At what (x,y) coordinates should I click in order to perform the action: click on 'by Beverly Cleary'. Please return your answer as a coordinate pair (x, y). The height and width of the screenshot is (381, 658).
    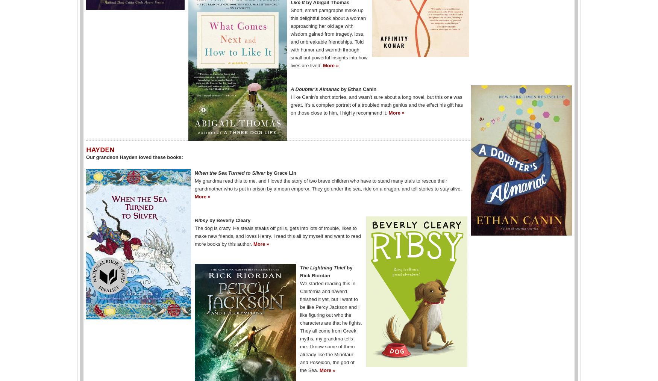
    Looking at the image, I should click on (230, 219).